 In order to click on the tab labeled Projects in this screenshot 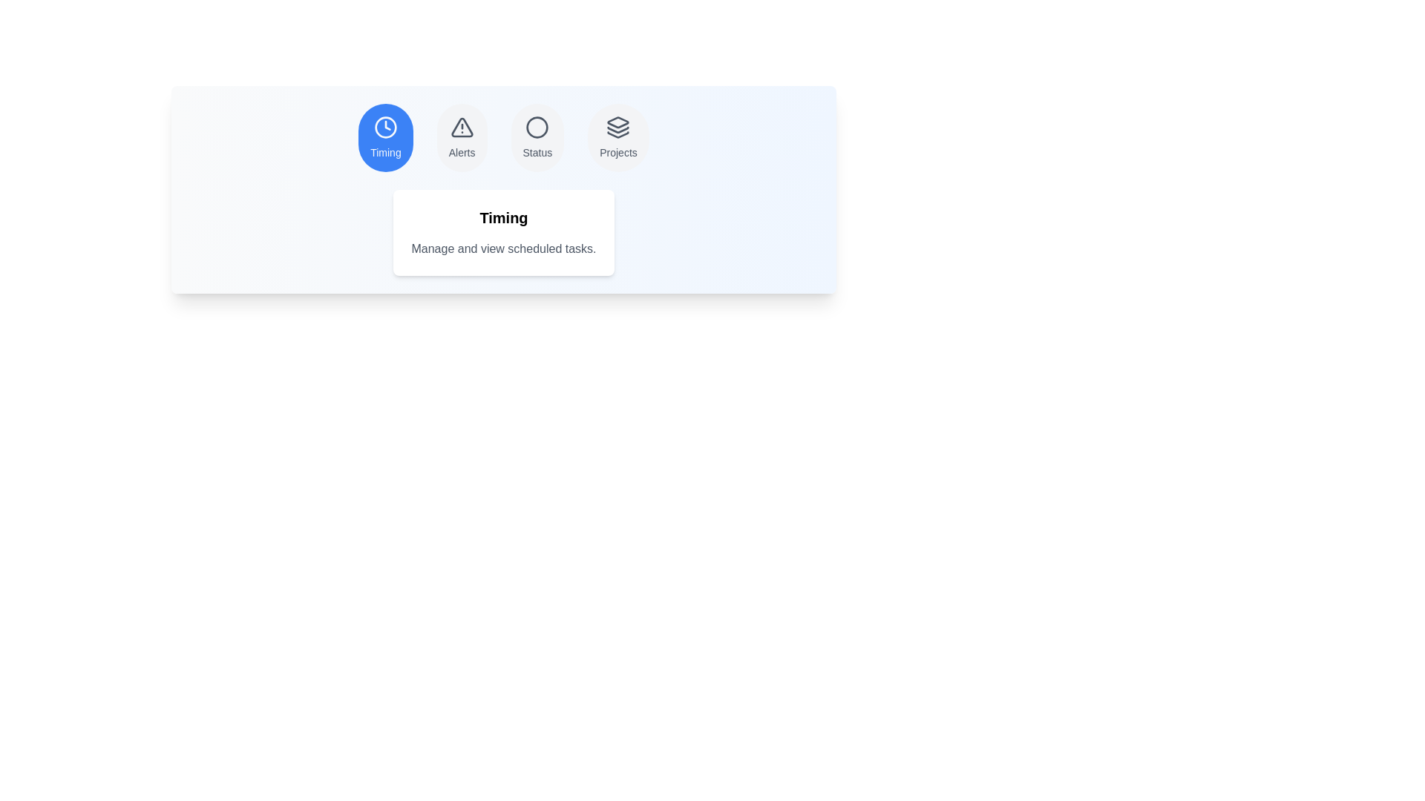, I will do `click(618, 137)`.